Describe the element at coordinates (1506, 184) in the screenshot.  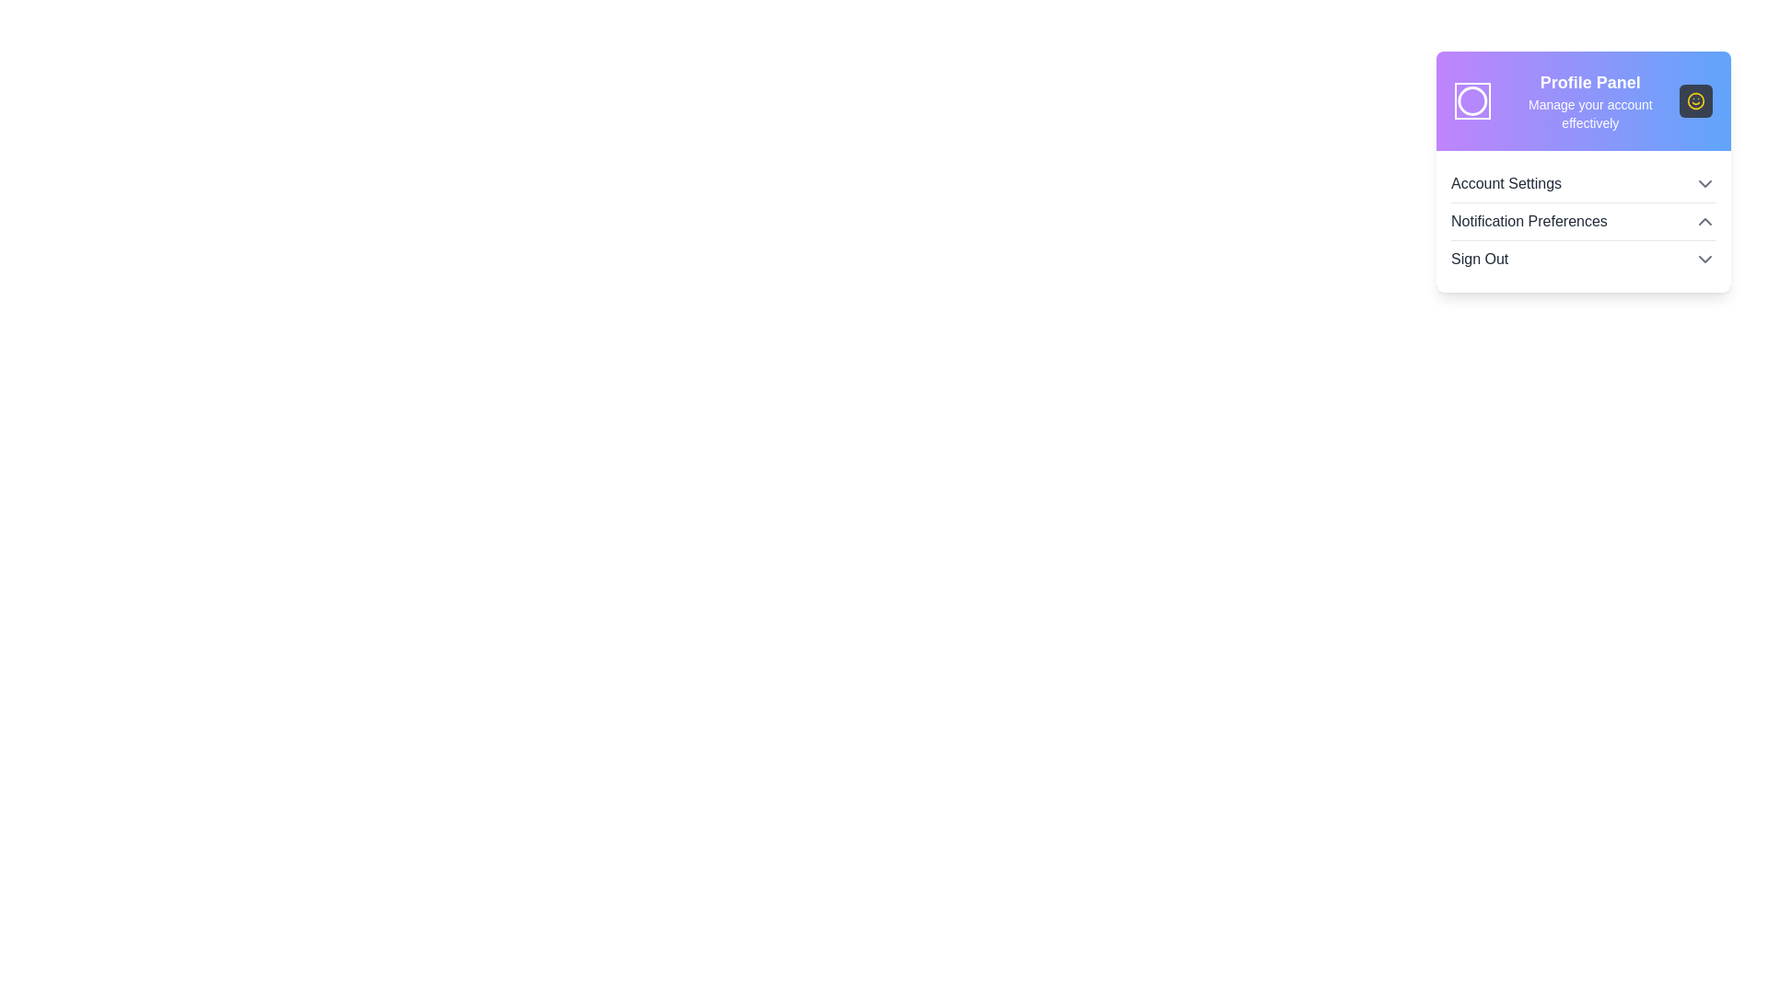
I see `the account settings text label located at the top of the dropdown menu on the right side of the interface` at that location.